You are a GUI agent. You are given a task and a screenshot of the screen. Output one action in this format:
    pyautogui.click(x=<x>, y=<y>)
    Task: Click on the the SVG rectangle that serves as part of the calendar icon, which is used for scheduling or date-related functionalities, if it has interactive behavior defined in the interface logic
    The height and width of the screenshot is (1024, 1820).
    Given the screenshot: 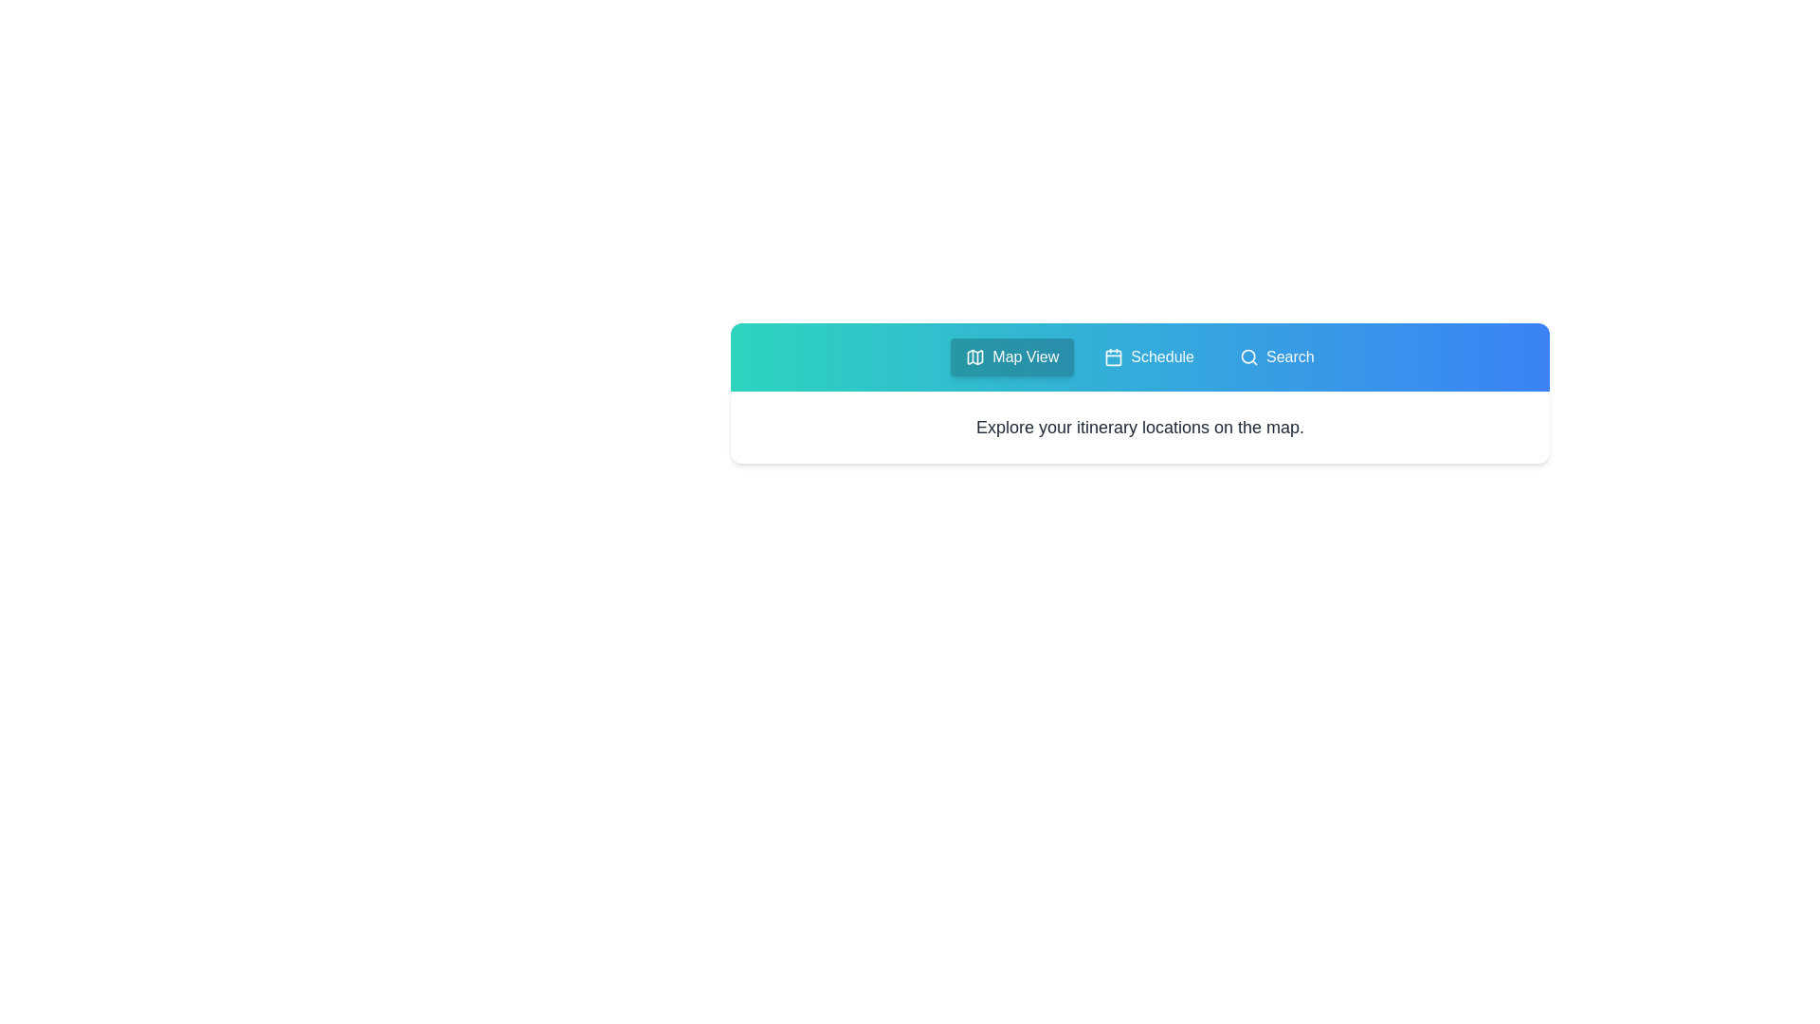 What is the action you would take?
    pyautogui.click(x=1114, y=357)
    